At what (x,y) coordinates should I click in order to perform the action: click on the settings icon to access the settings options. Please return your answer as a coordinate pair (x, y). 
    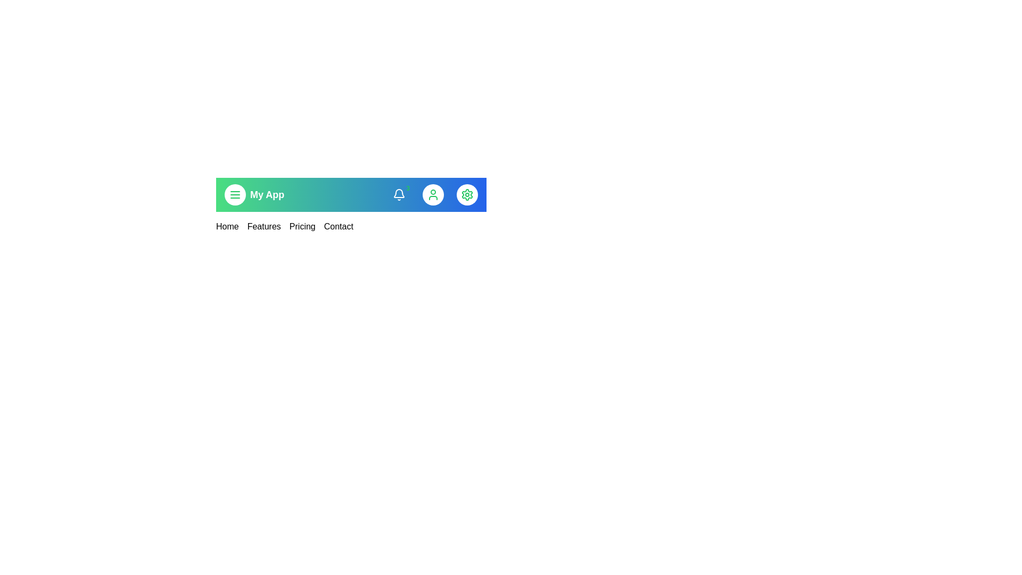
    Looking at the image, I should click on (467, 195).